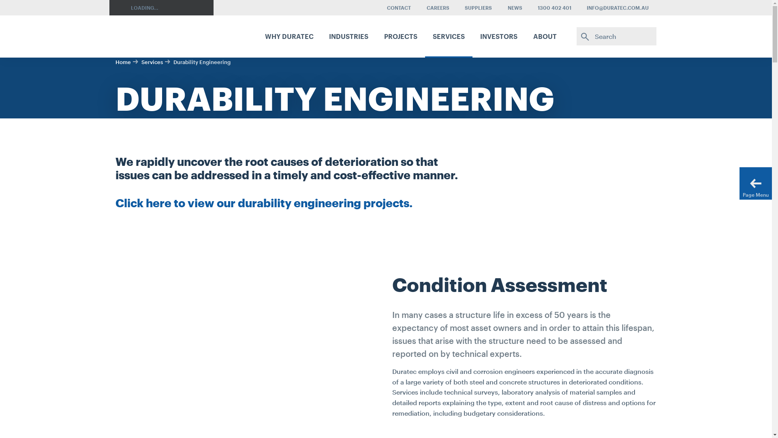  Describe the element at coordinates (263, 202) in the screenshot. I see `'Click here to view our durability engineering projects.'` at that location.